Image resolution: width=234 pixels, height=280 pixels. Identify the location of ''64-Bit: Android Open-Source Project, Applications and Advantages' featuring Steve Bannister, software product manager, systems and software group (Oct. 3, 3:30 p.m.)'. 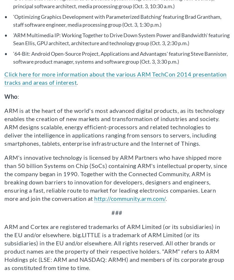
(13, 57).